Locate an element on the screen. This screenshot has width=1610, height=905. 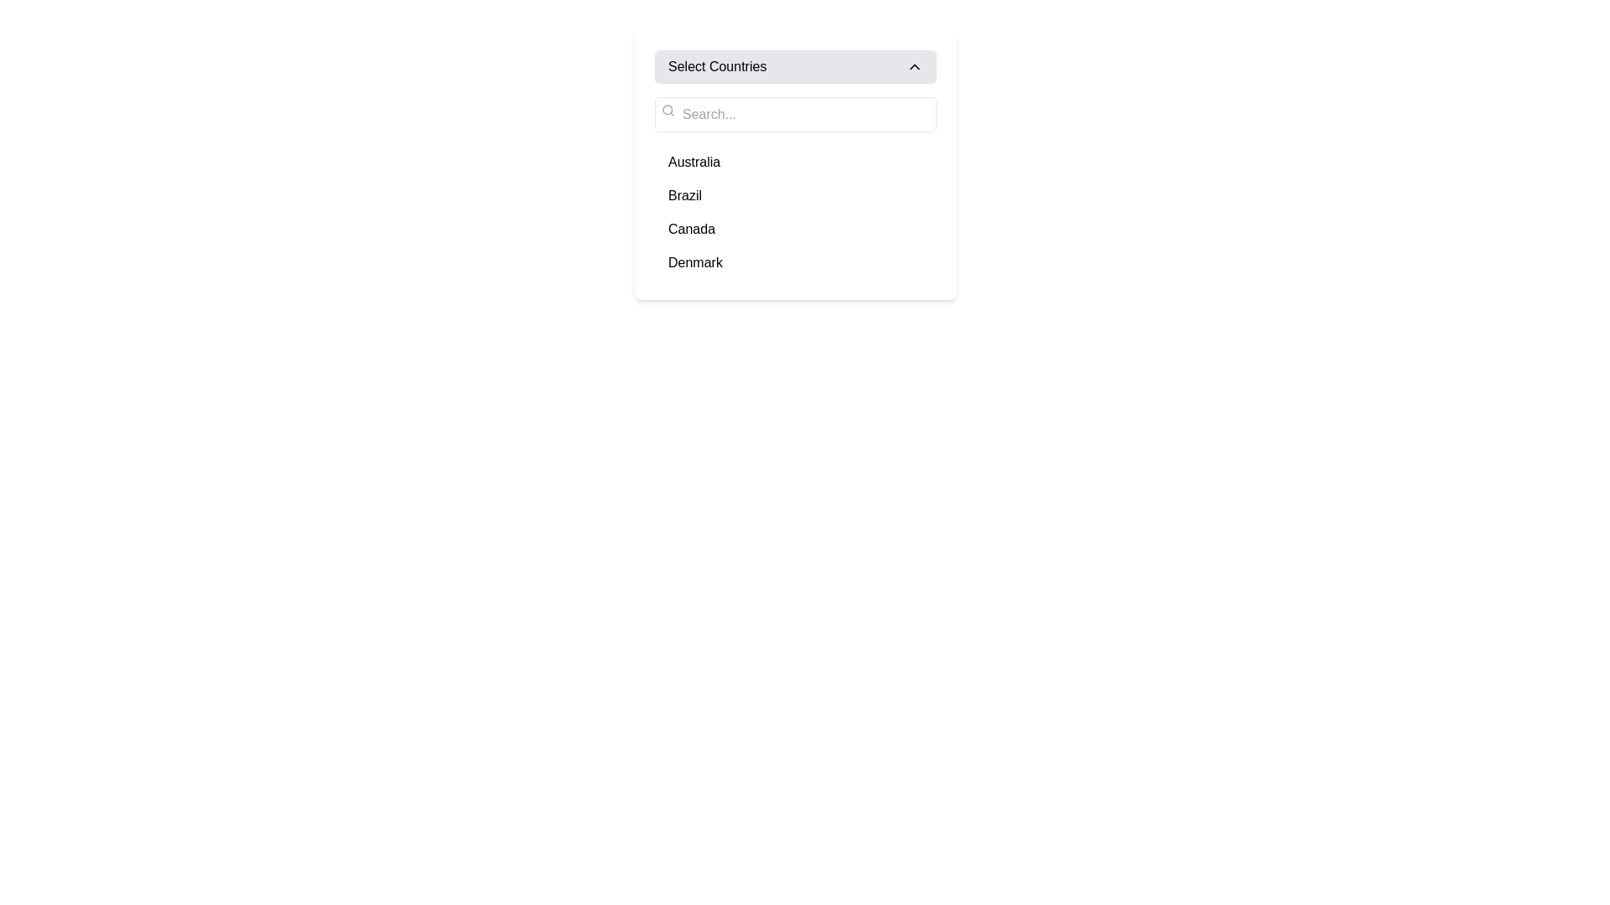
the text label displaying 'Canada' within the third option of the dropdown menu is located at coordinates (692, 229).